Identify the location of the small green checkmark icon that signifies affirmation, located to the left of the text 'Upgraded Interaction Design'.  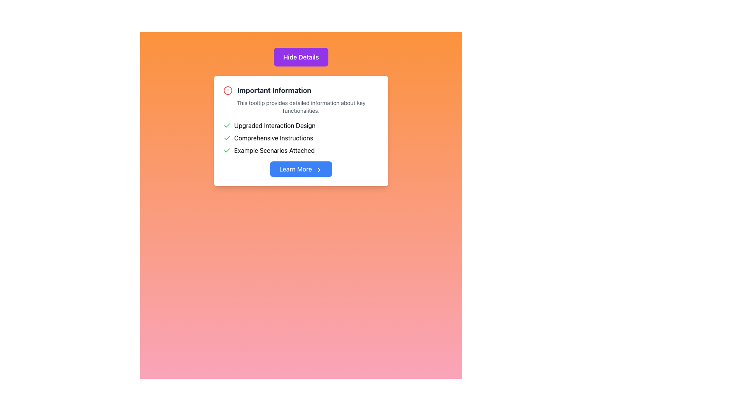
(227, 125).